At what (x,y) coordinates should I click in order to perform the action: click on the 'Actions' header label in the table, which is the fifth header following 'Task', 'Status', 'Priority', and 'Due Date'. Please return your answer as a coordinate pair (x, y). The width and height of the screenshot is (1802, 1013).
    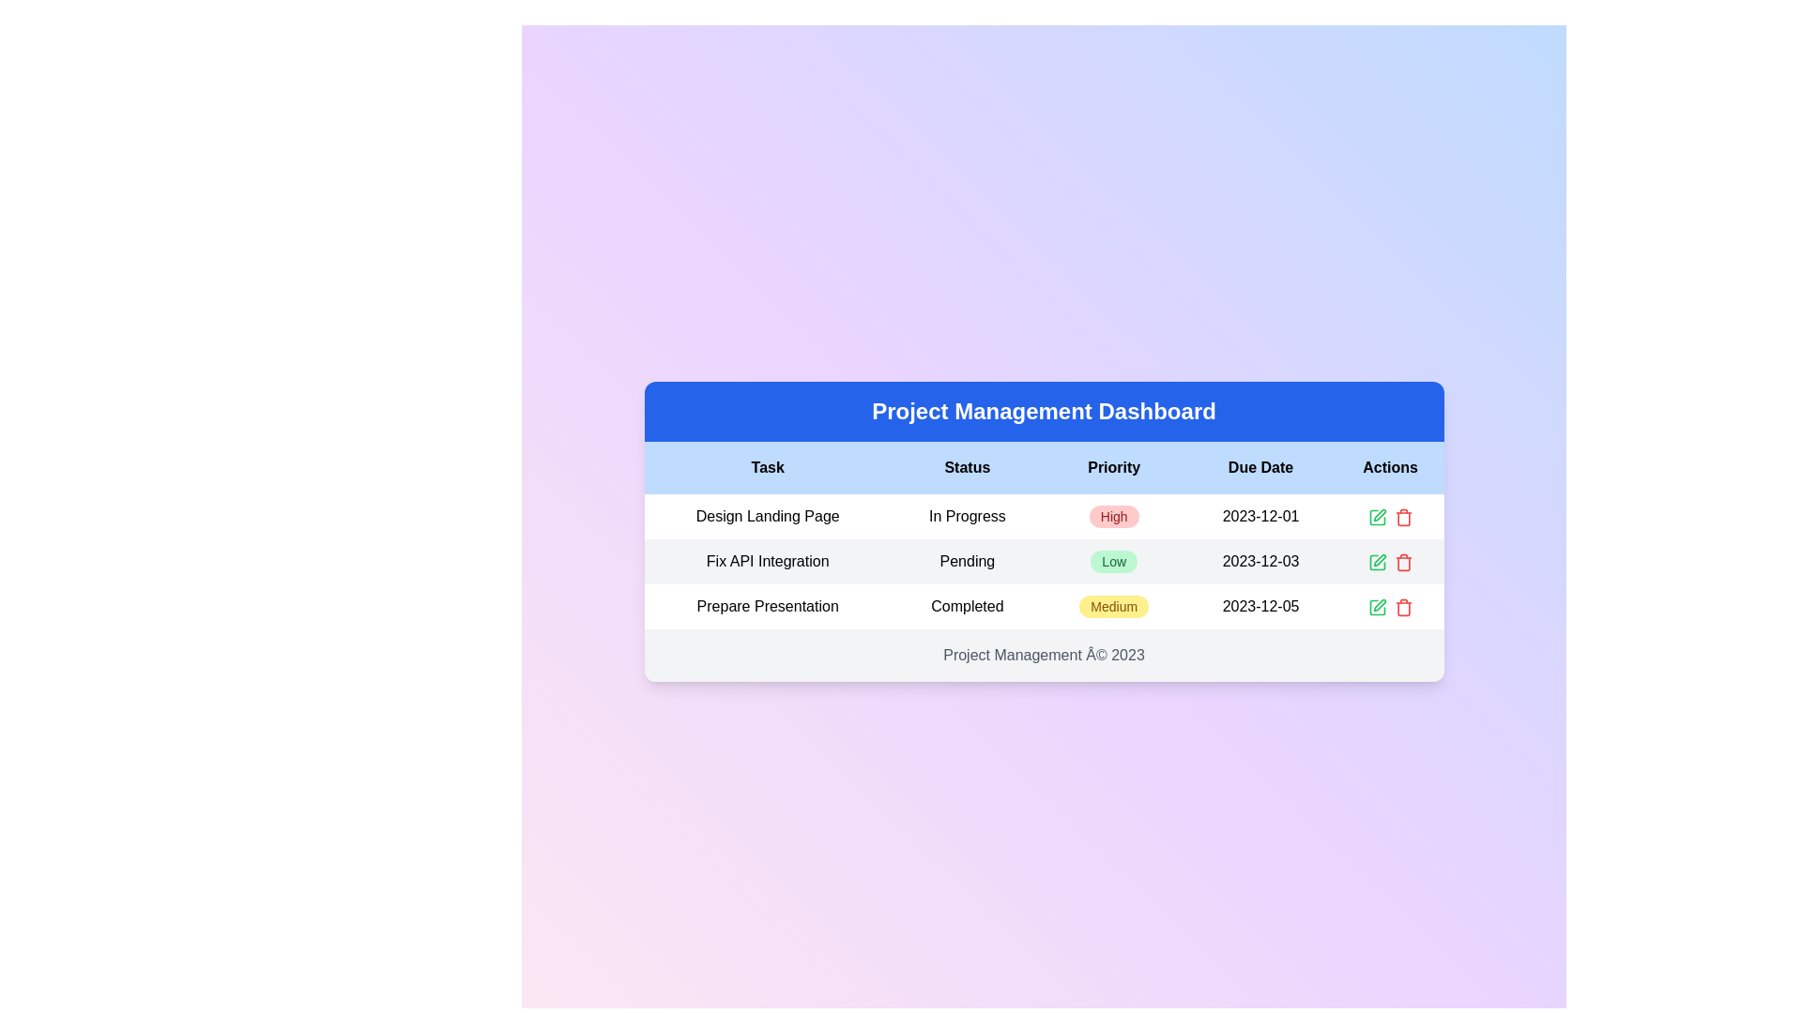
    Looking at the image, I should click on (1390, 466).